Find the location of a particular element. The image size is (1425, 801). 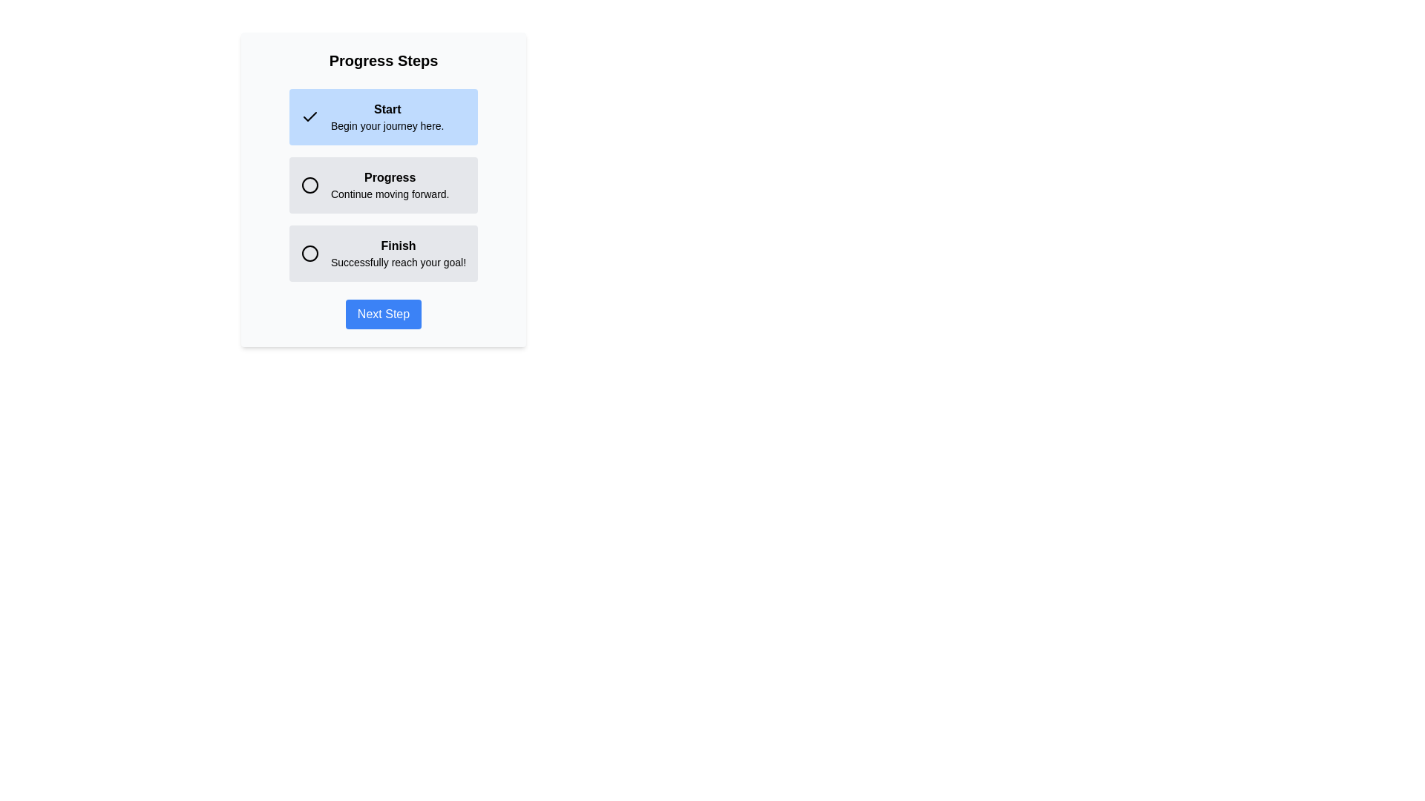

the SVG Circle Graphic with a bold black outline located at the left of the 'Progress' section is located at coordinates (309, 185).